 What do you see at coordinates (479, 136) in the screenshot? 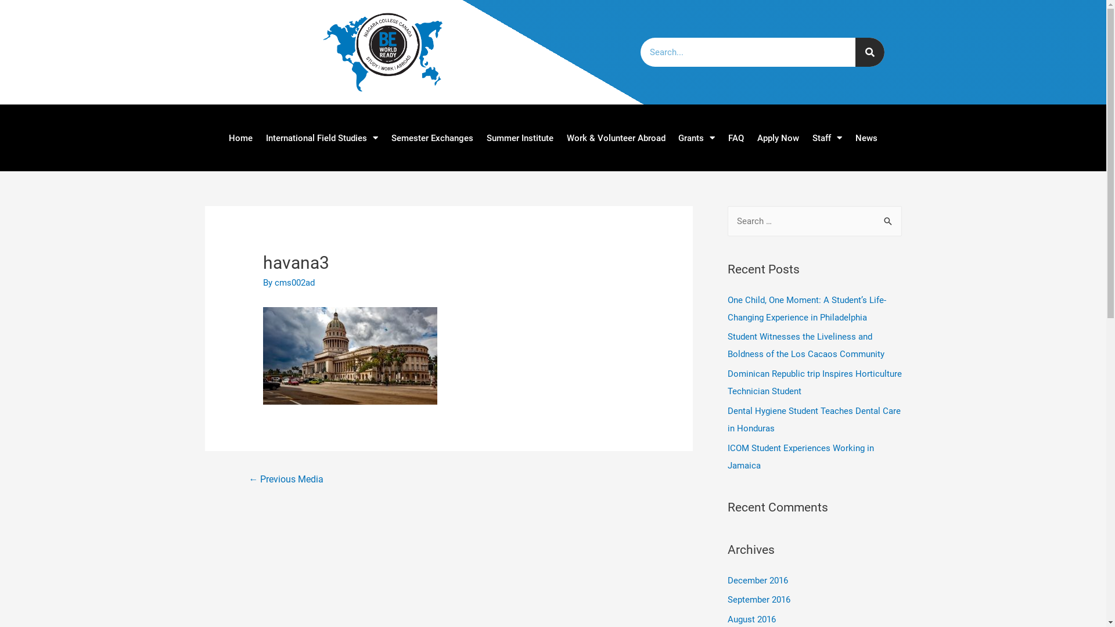
I see `'Summer Institute'` at bounding box center [479, 136].